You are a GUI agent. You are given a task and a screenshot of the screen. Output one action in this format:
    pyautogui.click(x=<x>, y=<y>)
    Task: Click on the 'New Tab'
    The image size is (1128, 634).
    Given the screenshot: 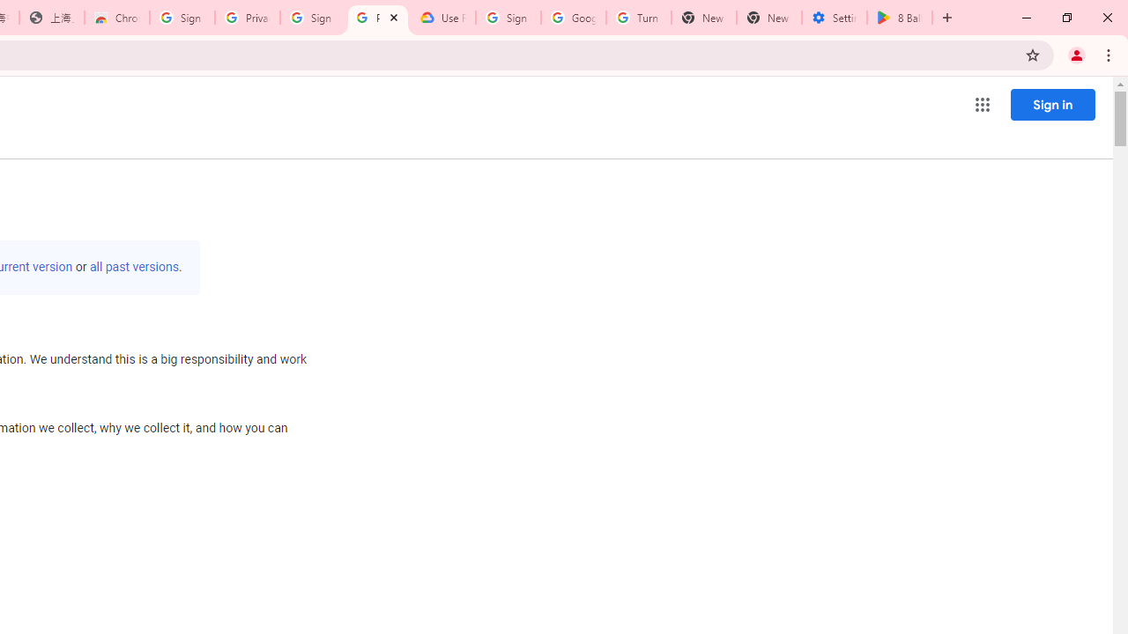 What is the action you would take?
    pyautogui.click(x=768, y=18)
    